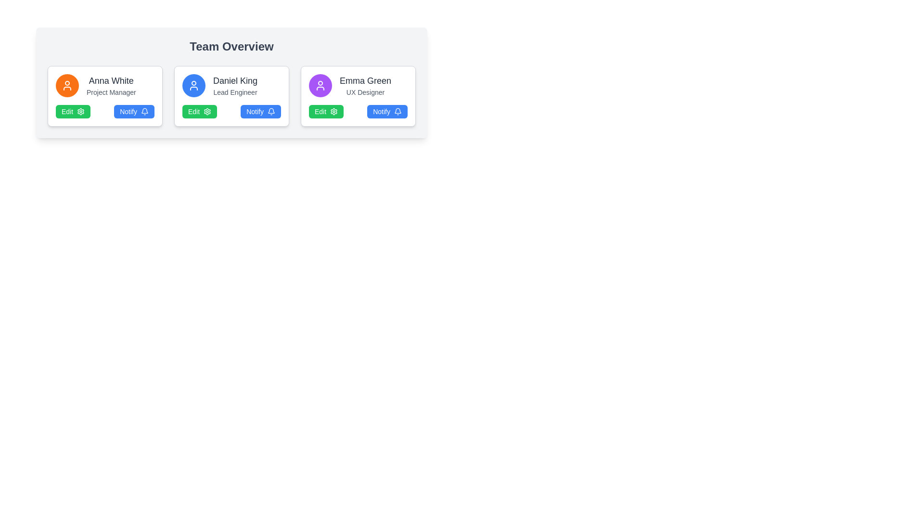  What do you see at coordinates (105, 85) in the screenshot?
I see `text label indicating 'Anna White' and role 'Project Manager' located in the upper-left card of the team member profiles grid, directly above the 'Edit' and 'Notify' buttons` at bounding box center [105, 85].